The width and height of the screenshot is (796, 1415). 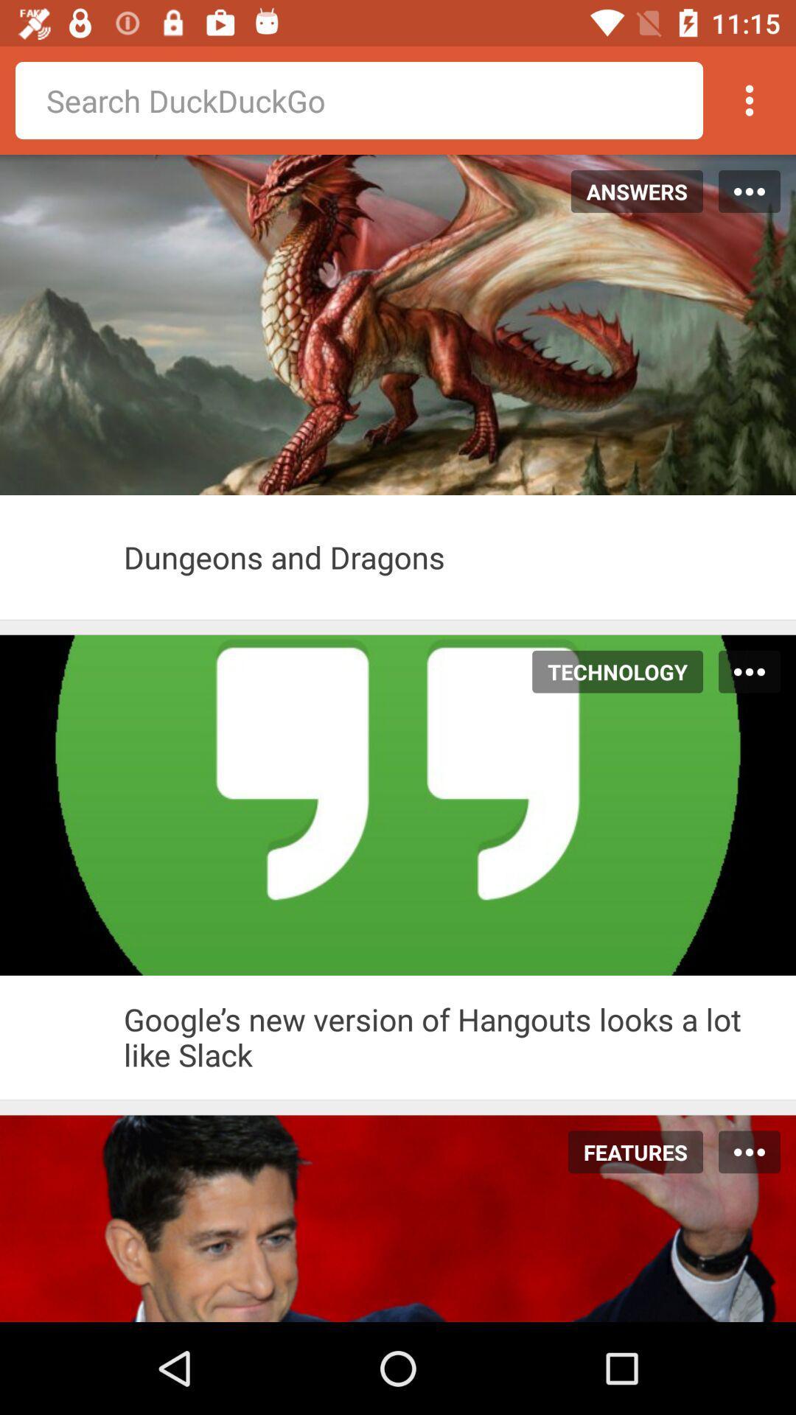 What do you see at coordinates (61, 1036) in the screenshot?
I see `check option` at bounding box center [61, 1036].